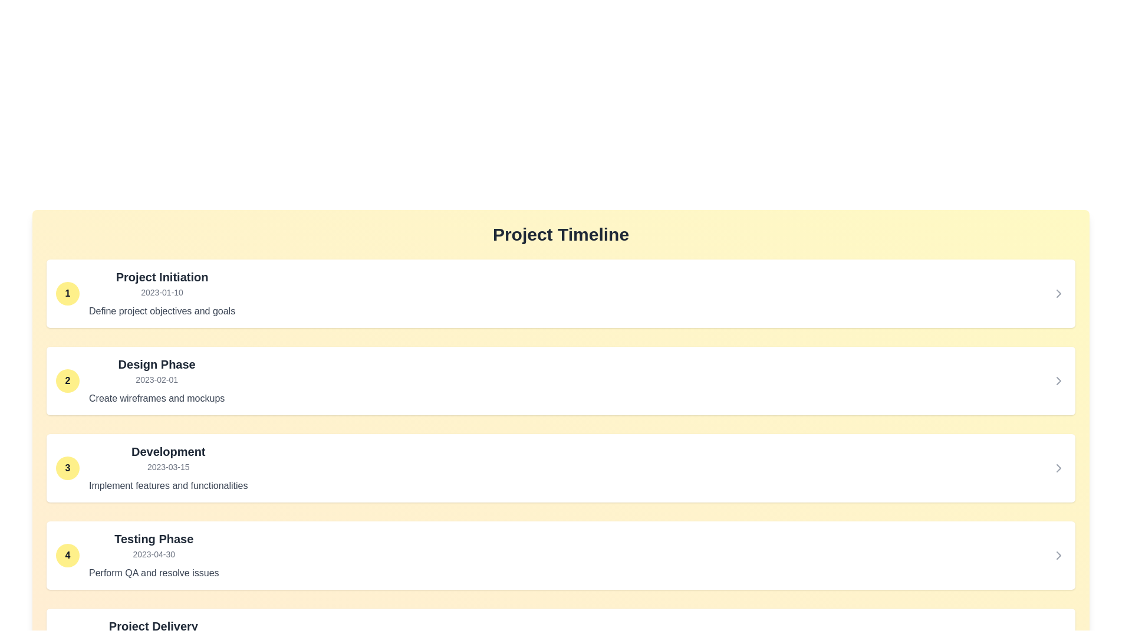 The height and width of the screenshot is (637, 1132). What do you see at coordinates (153, 539) in the screenshot?
I see `the Textual Label that serves as a descriptive heading for the 'Testing Phase' section in the vertical timeline layout` at bounding box center [153, 539].